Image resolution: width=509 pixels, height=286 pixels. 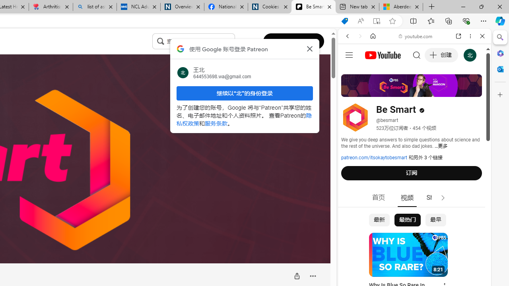 What do you see at coordinates (350, 71) in the screenshot?
I see `'Web scope'` at bounding box center [350, 71].